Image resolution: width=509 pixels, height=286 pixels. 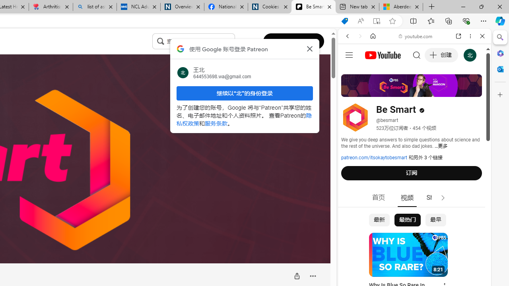 What do you see at coordinates (350, 71) in the screenshot?
I see `'Web scope'` at bounding box center [350, 71].